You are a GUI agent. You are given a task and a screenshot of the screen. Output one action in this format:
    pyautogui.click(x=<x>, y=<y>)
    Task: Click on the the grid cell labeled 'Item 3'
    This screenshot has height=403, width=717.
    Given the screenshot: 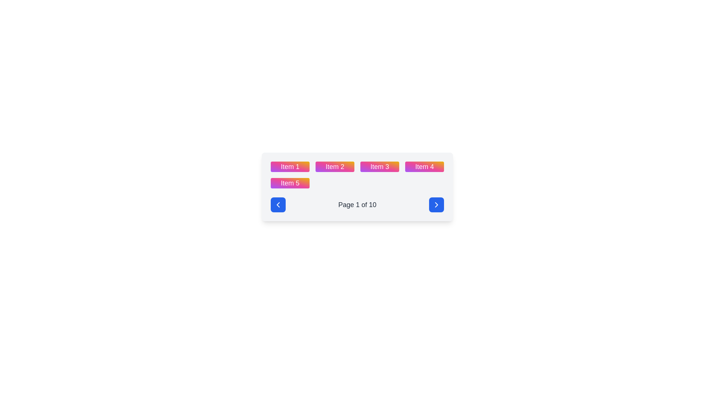 What is the action you would take?
    pyautogui.click(x=380, y=166)
    